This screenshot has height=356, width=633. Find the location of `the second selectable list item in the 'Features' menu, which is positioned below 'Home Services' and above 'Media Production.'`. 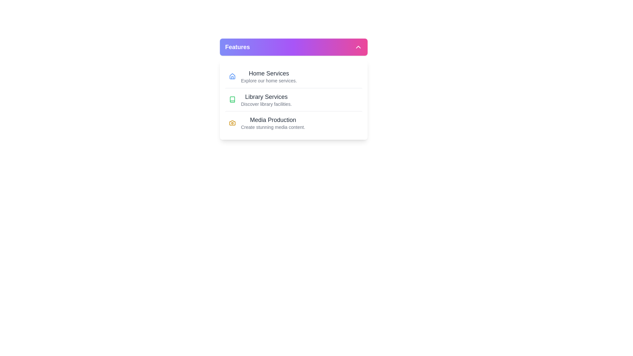

the second selectable list item in the 'Features' menu, which is positioned below 'Home Services' and above 'Media Production.' is located at coordinates (293, 99).